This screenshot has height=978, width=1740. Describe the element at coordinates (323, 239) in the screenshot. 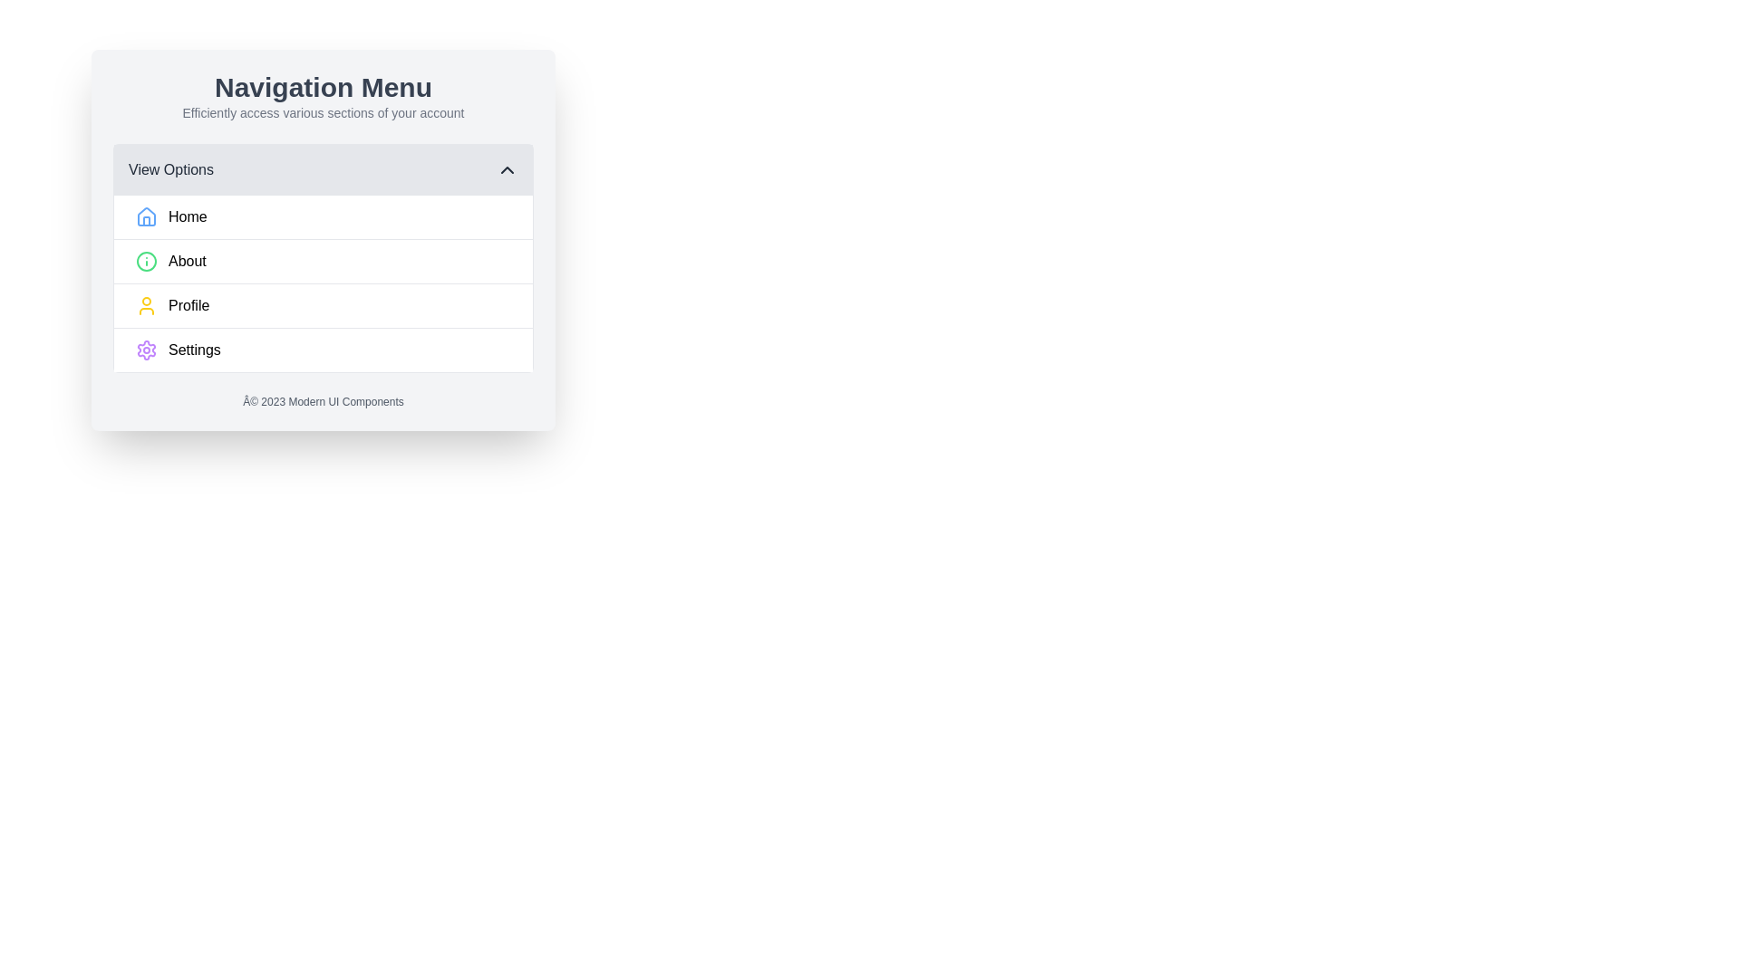

I see `the 'About' navigation button` at that location.